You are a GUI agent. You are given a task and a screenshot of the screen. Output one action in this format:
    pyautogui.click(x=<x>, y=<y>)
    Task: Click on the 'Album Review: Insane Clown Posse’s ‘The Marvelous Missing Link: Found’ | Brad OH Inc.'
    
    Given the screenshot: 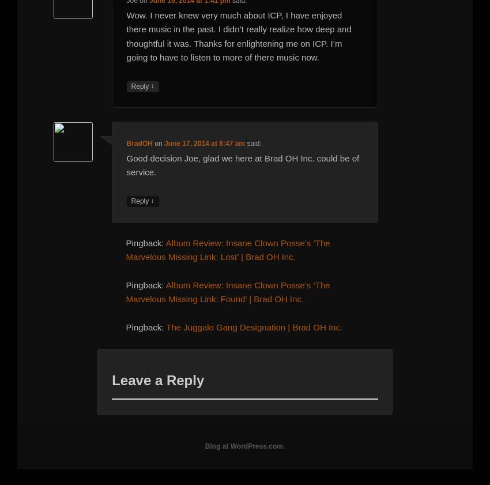 What is the action you would take?
    pyautogui.click(x=227, y=292)
    